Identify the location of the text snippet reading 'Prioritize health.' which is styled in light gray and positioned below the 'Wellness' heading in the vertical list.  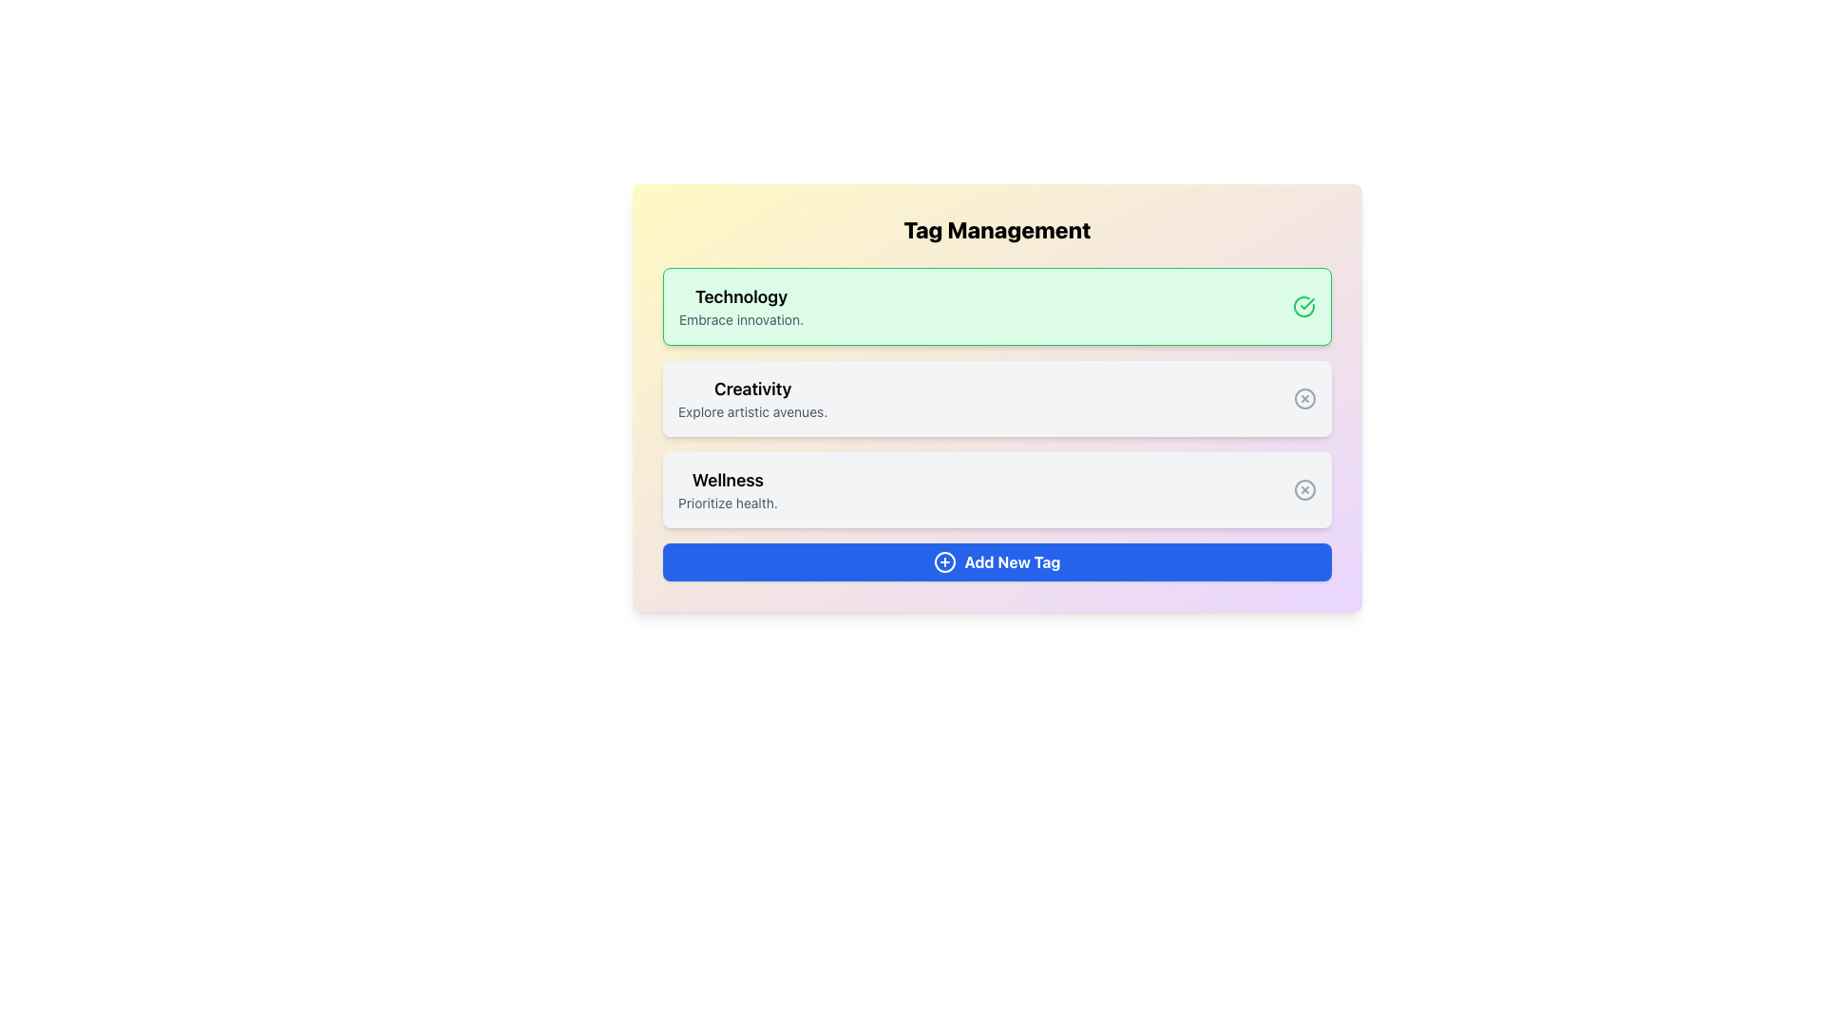
(727, 502).